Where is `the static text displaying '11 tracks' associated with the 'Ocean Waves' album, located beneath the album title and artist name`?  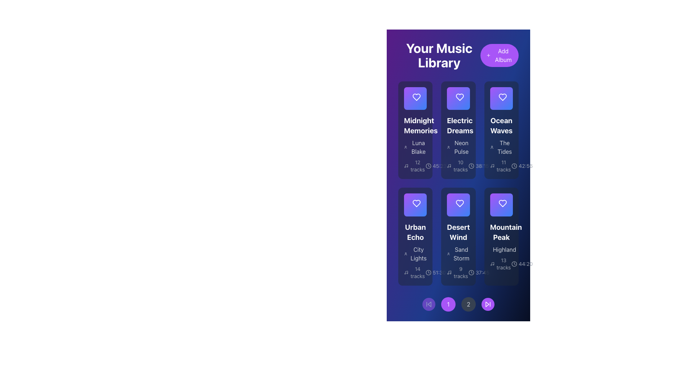 the static text displaying '11 tracks' associated with the 'Ocean Waves' album, located beneath the album title and artist name is located at coordinates (503, 166).